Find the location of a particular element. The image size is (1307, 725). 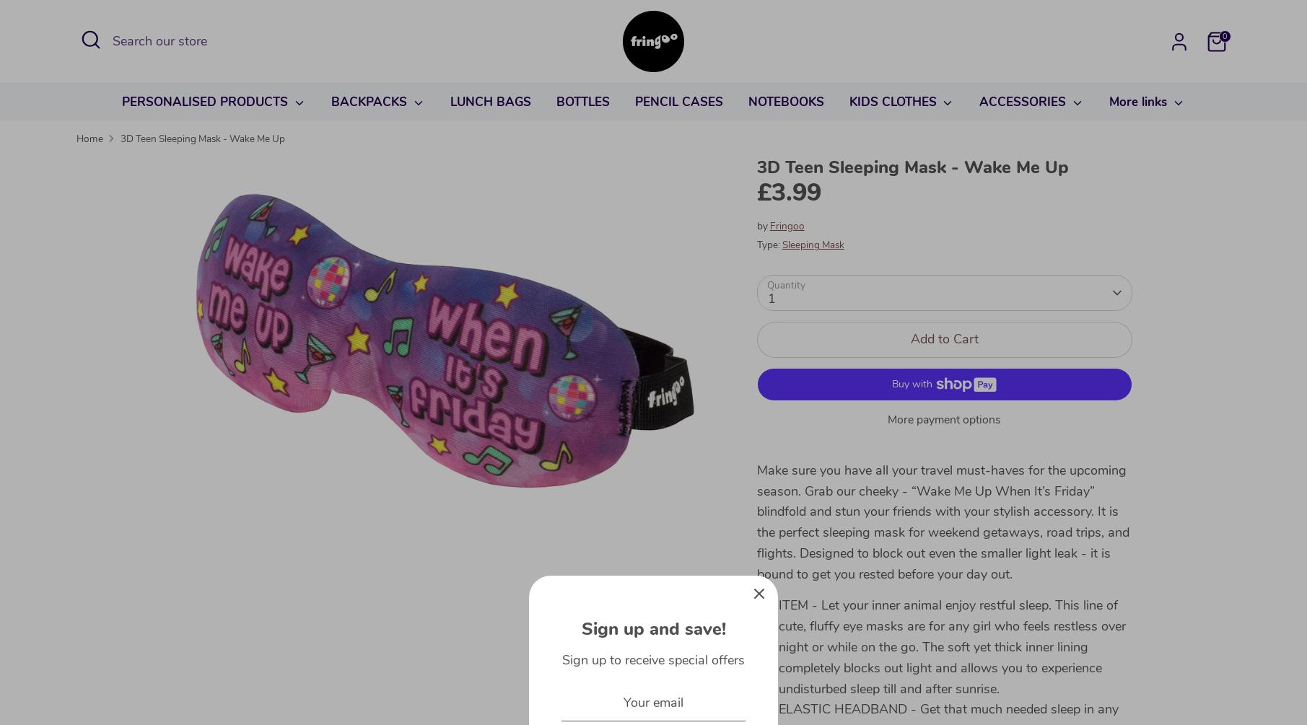

'BACKPACKS' is located at coordinates (331, 102).